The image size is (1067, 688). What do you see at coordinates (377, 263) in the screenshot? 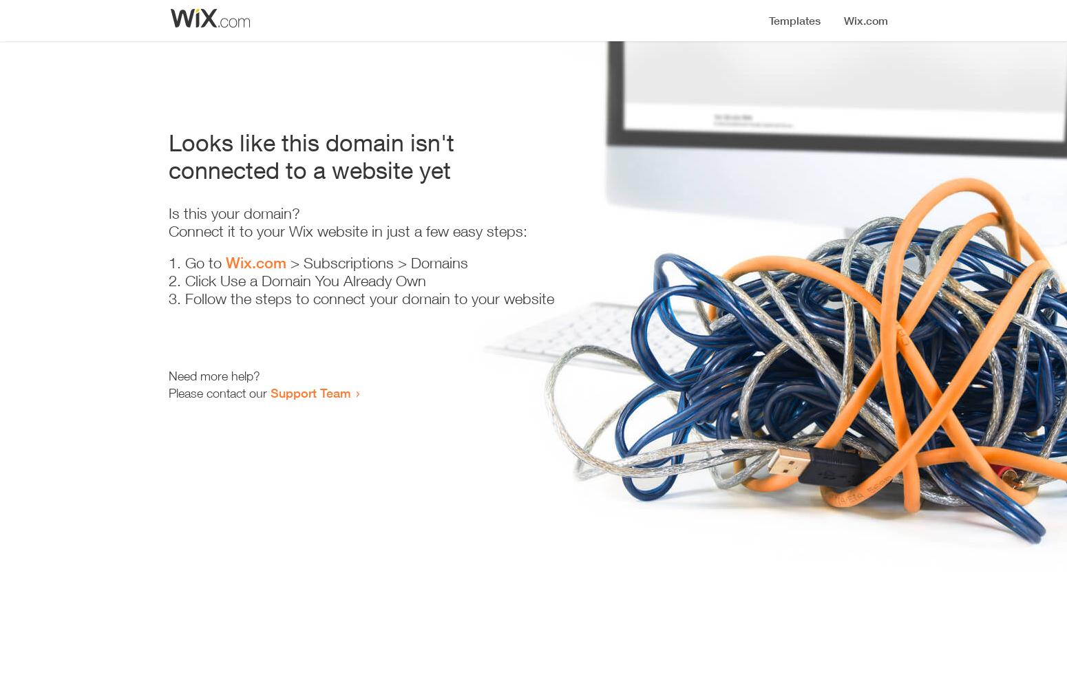
I see `'> Subscriptions > Domains'` at bounding box center [377, 263].